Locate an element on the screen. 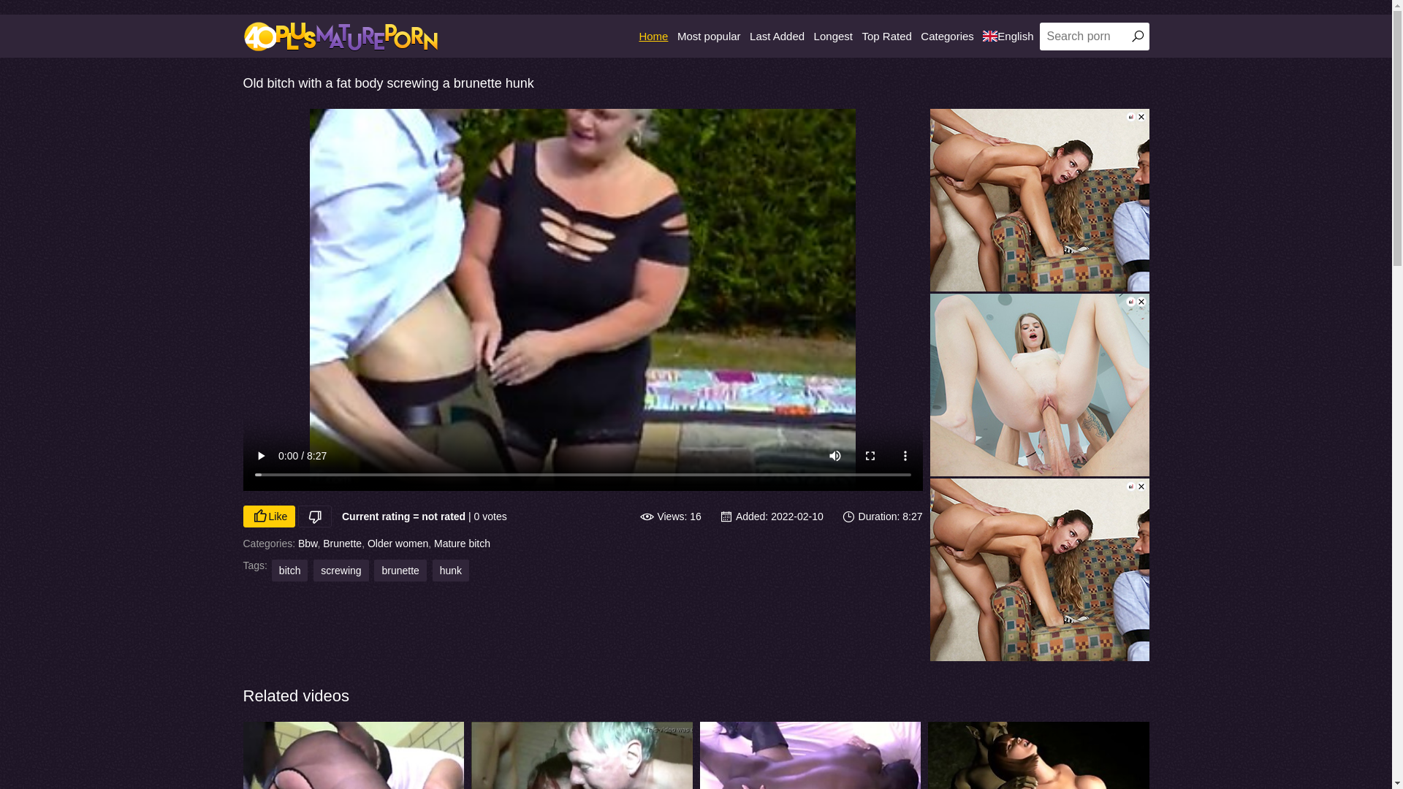 The height and width of the screenshot is (789, 1403). 'screwing' is located at coordinates (340, 569).